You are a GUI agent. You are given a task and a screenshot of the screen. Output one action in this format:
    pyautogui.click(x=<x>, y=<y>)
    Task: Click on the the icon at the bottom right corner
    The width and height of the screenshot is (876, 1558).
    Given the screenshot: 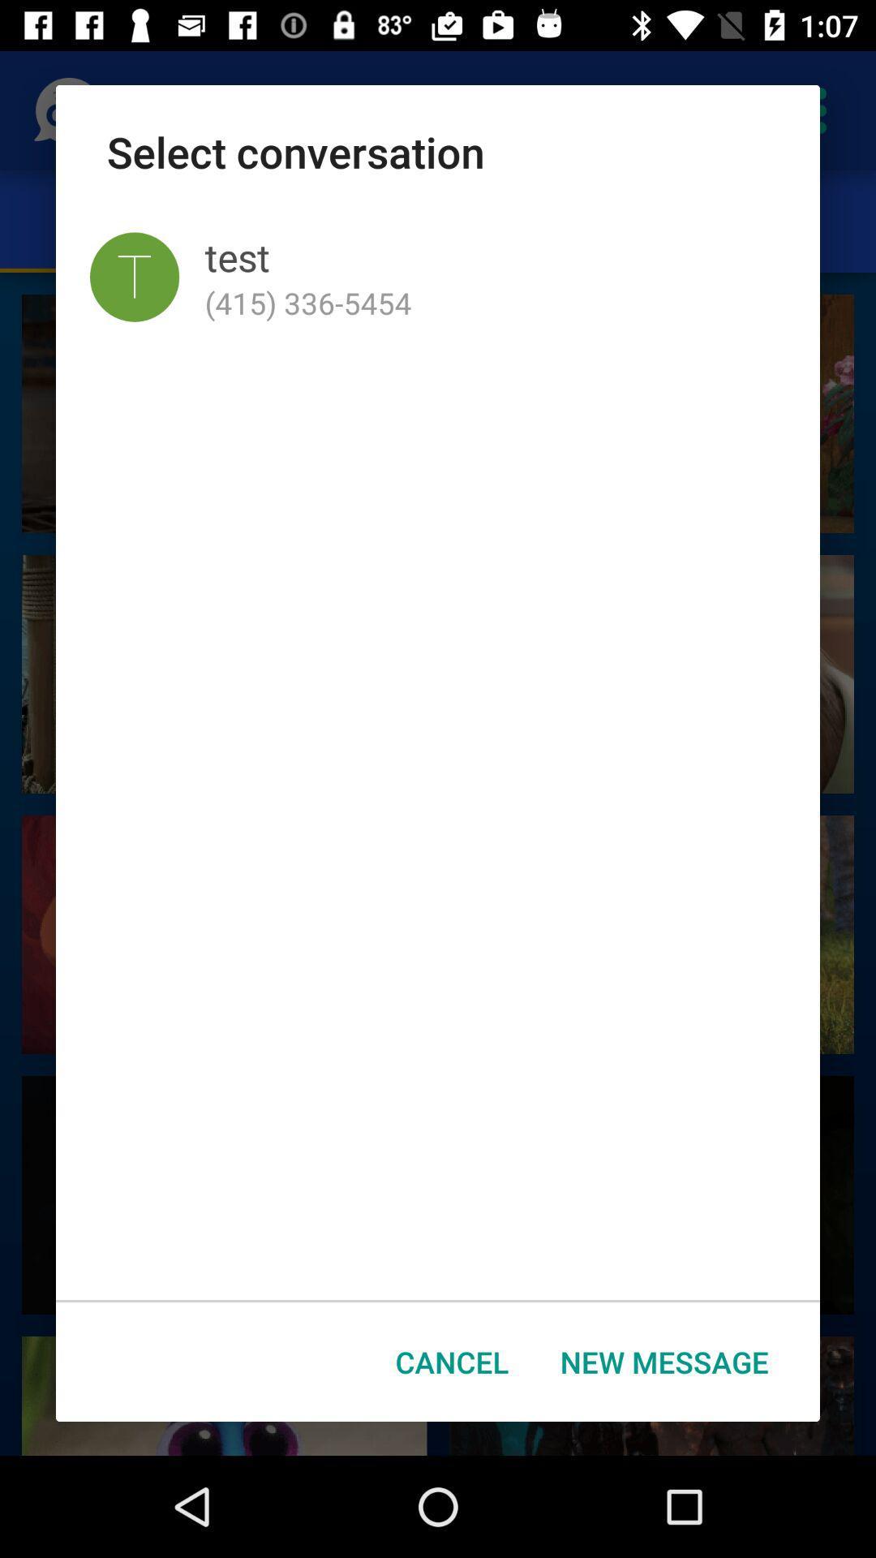 What is the action you would take?
    pyautogui.click(x=664, y=1362)
    